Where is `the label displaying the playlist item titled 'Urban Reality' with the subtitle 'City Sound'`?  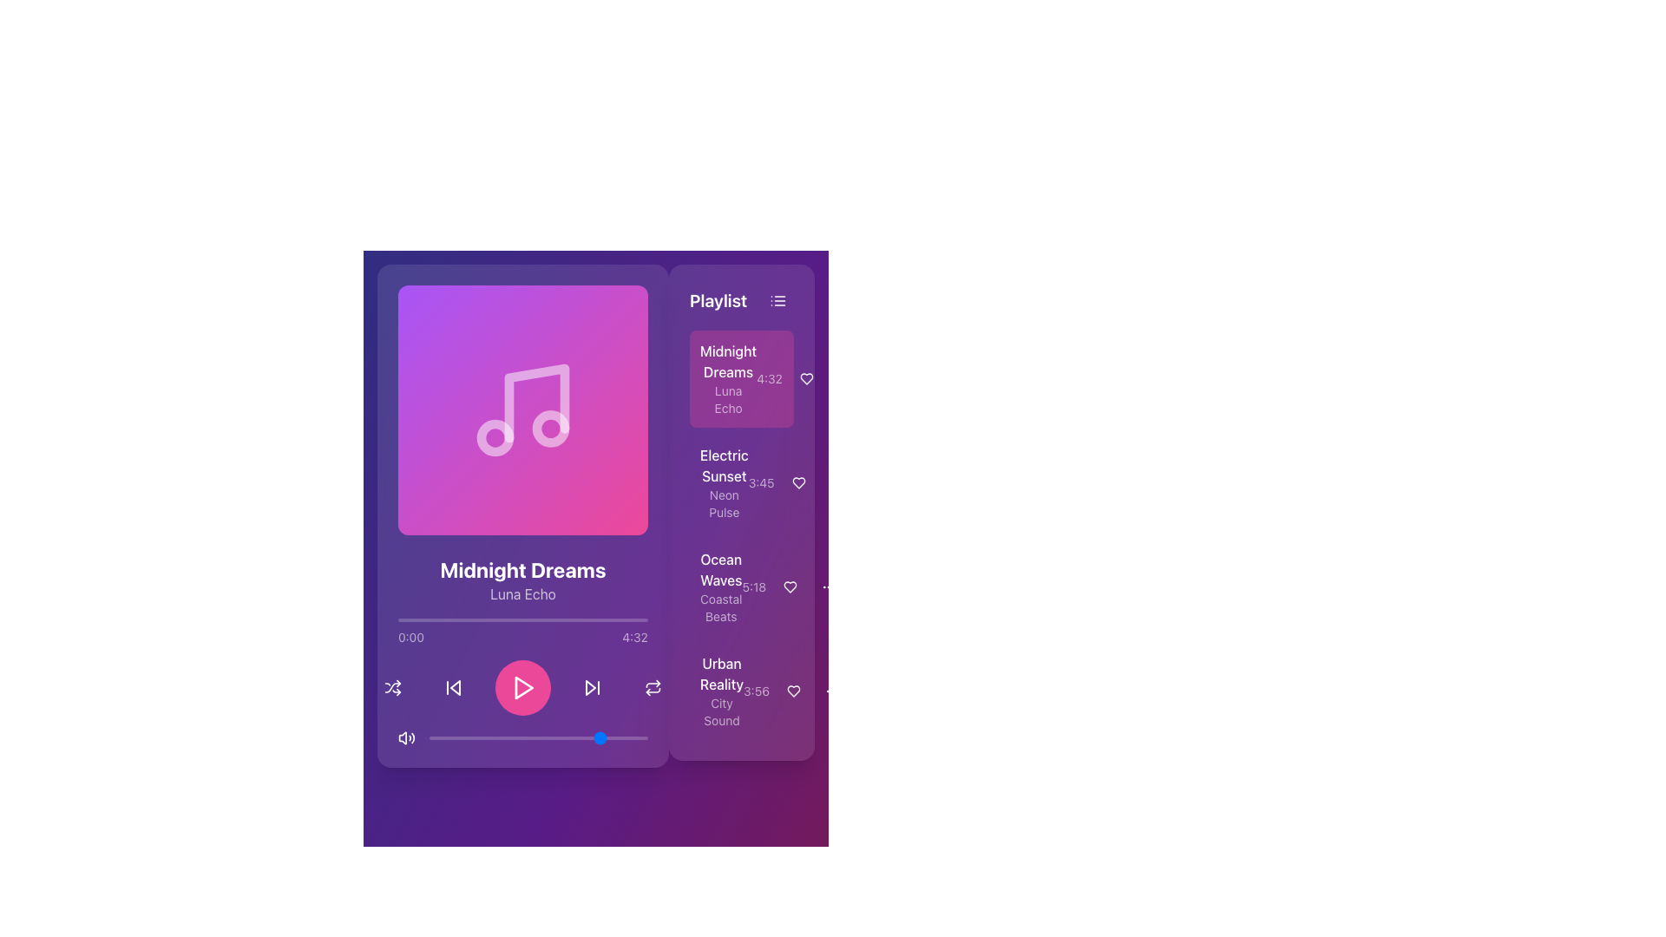 the label displaying the playlist item titled 'Urban Reality' with the subtitle 'City Sound' is located at coordinates (721, 691).